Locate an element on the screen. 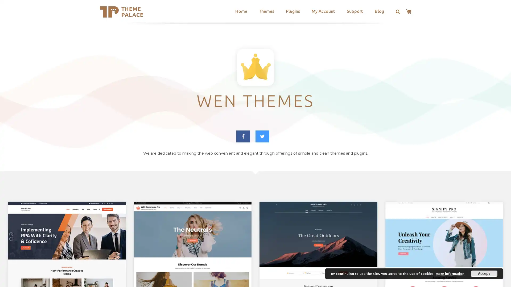 This screenshot has height=287, width=511. Search is located at coordinates (164, 12).